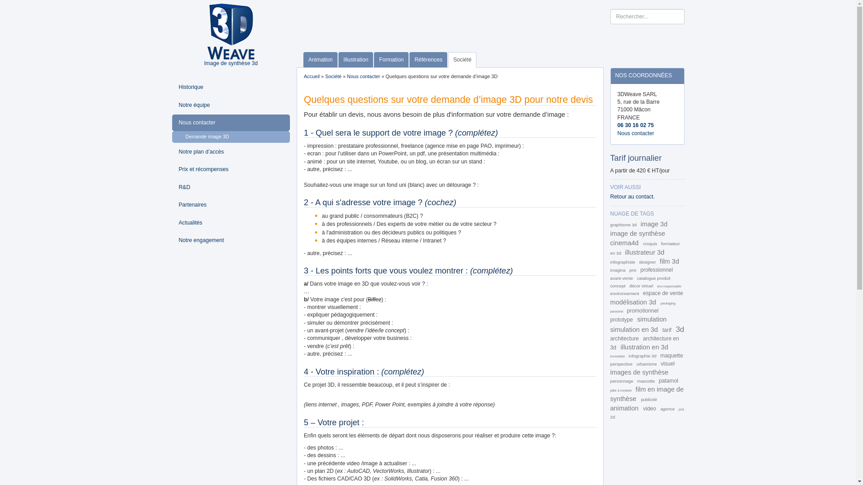 This screenshot has height=485, width=863. I want to click on 'graphisme 3d', so click(623, 224).